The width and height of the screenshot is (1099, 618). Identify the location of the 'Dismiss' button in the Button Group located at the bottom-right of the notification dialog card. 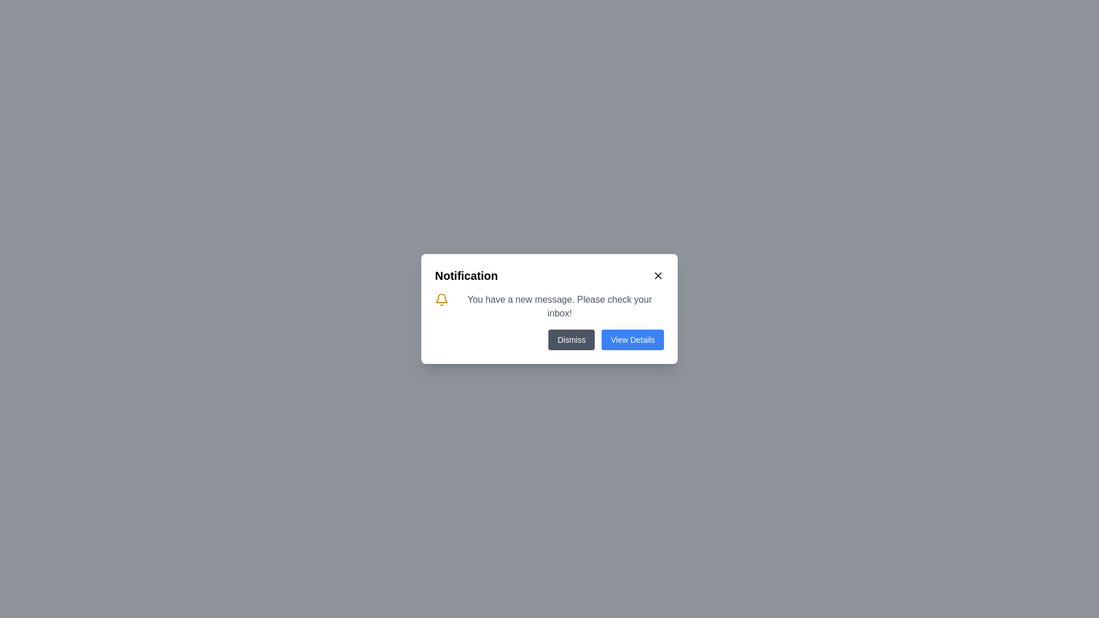
(549, 339).